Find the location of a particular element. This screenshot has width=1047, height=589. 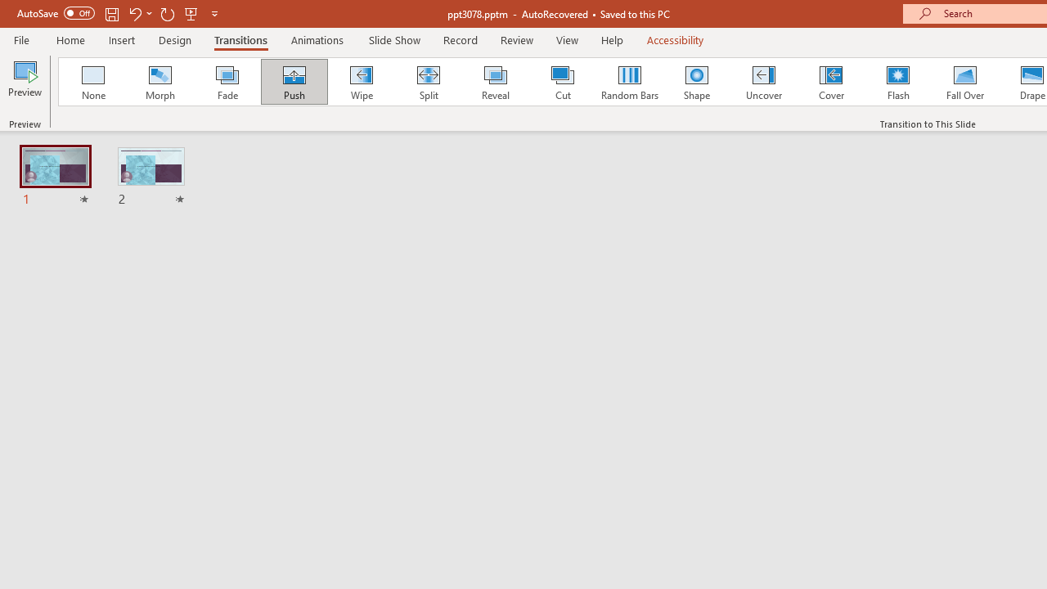

'Cut' is located at coordinates (563, 82).